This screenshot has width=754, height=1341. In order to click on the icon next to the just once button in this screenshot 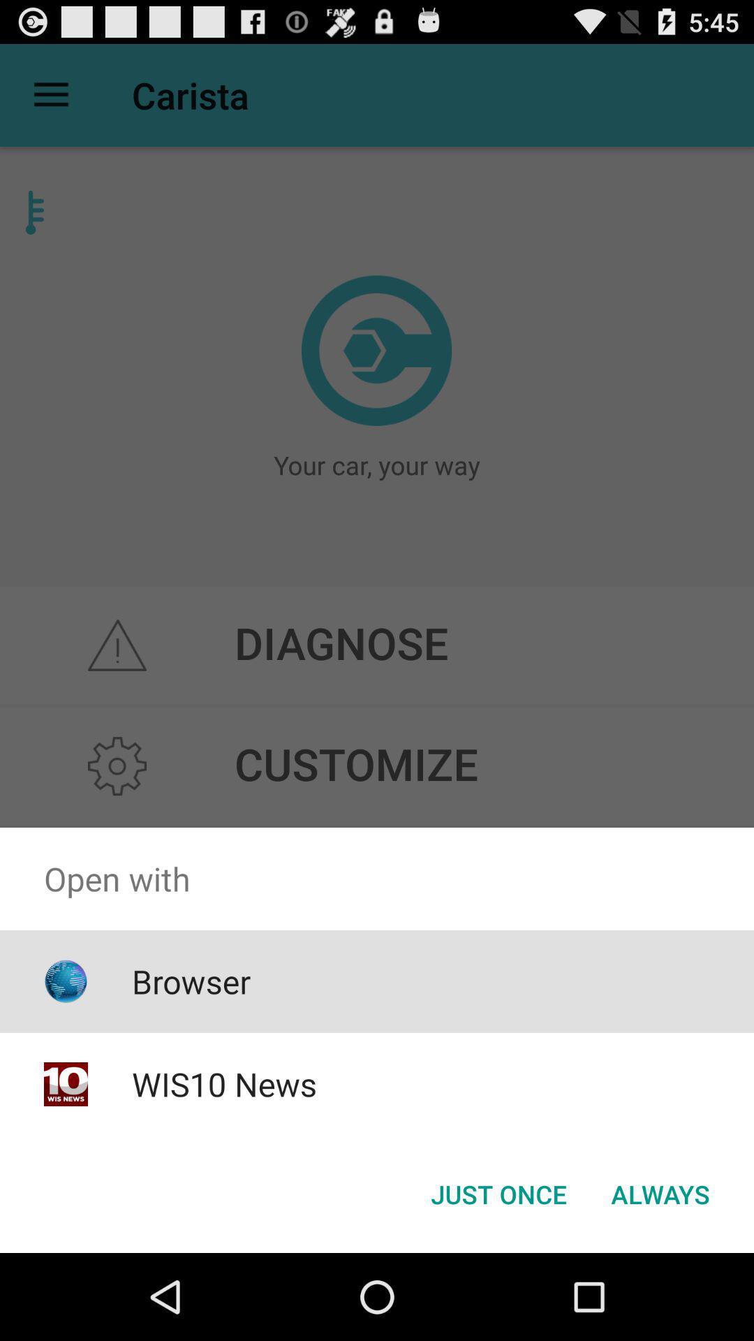, I will do `click(660, 1193)`.